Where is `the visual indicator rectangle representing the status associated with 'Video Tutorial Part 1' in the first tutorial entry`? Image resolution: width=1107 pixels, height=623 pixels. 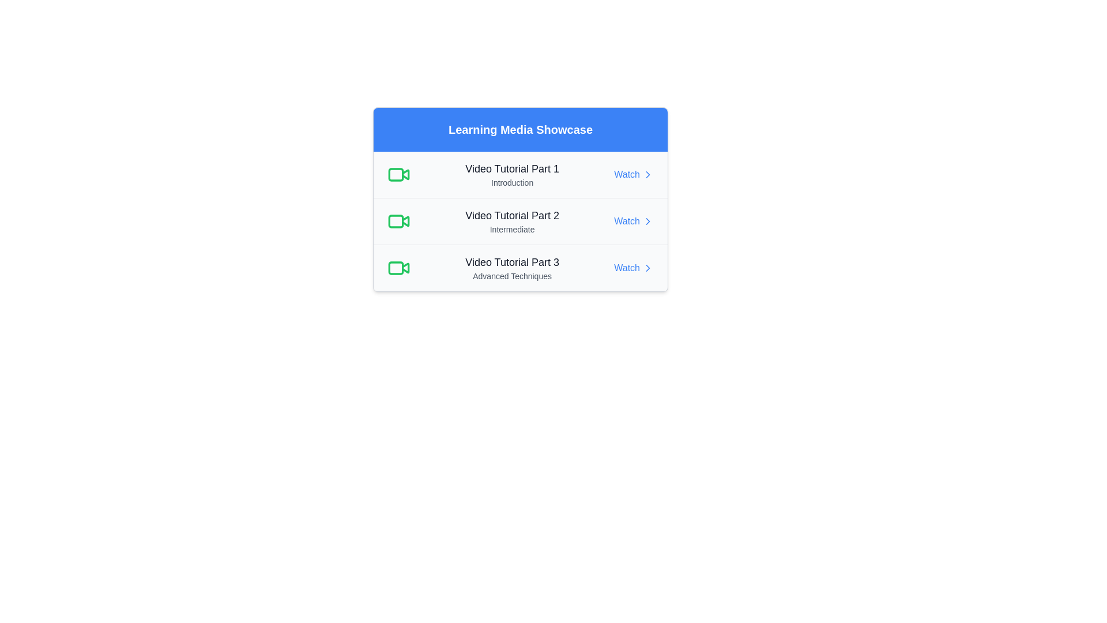 the visual indicator rectangle representing the status associated with 'Video Tutorial Part 1' in the first tutorial entry is located at coordinates (396, 175).